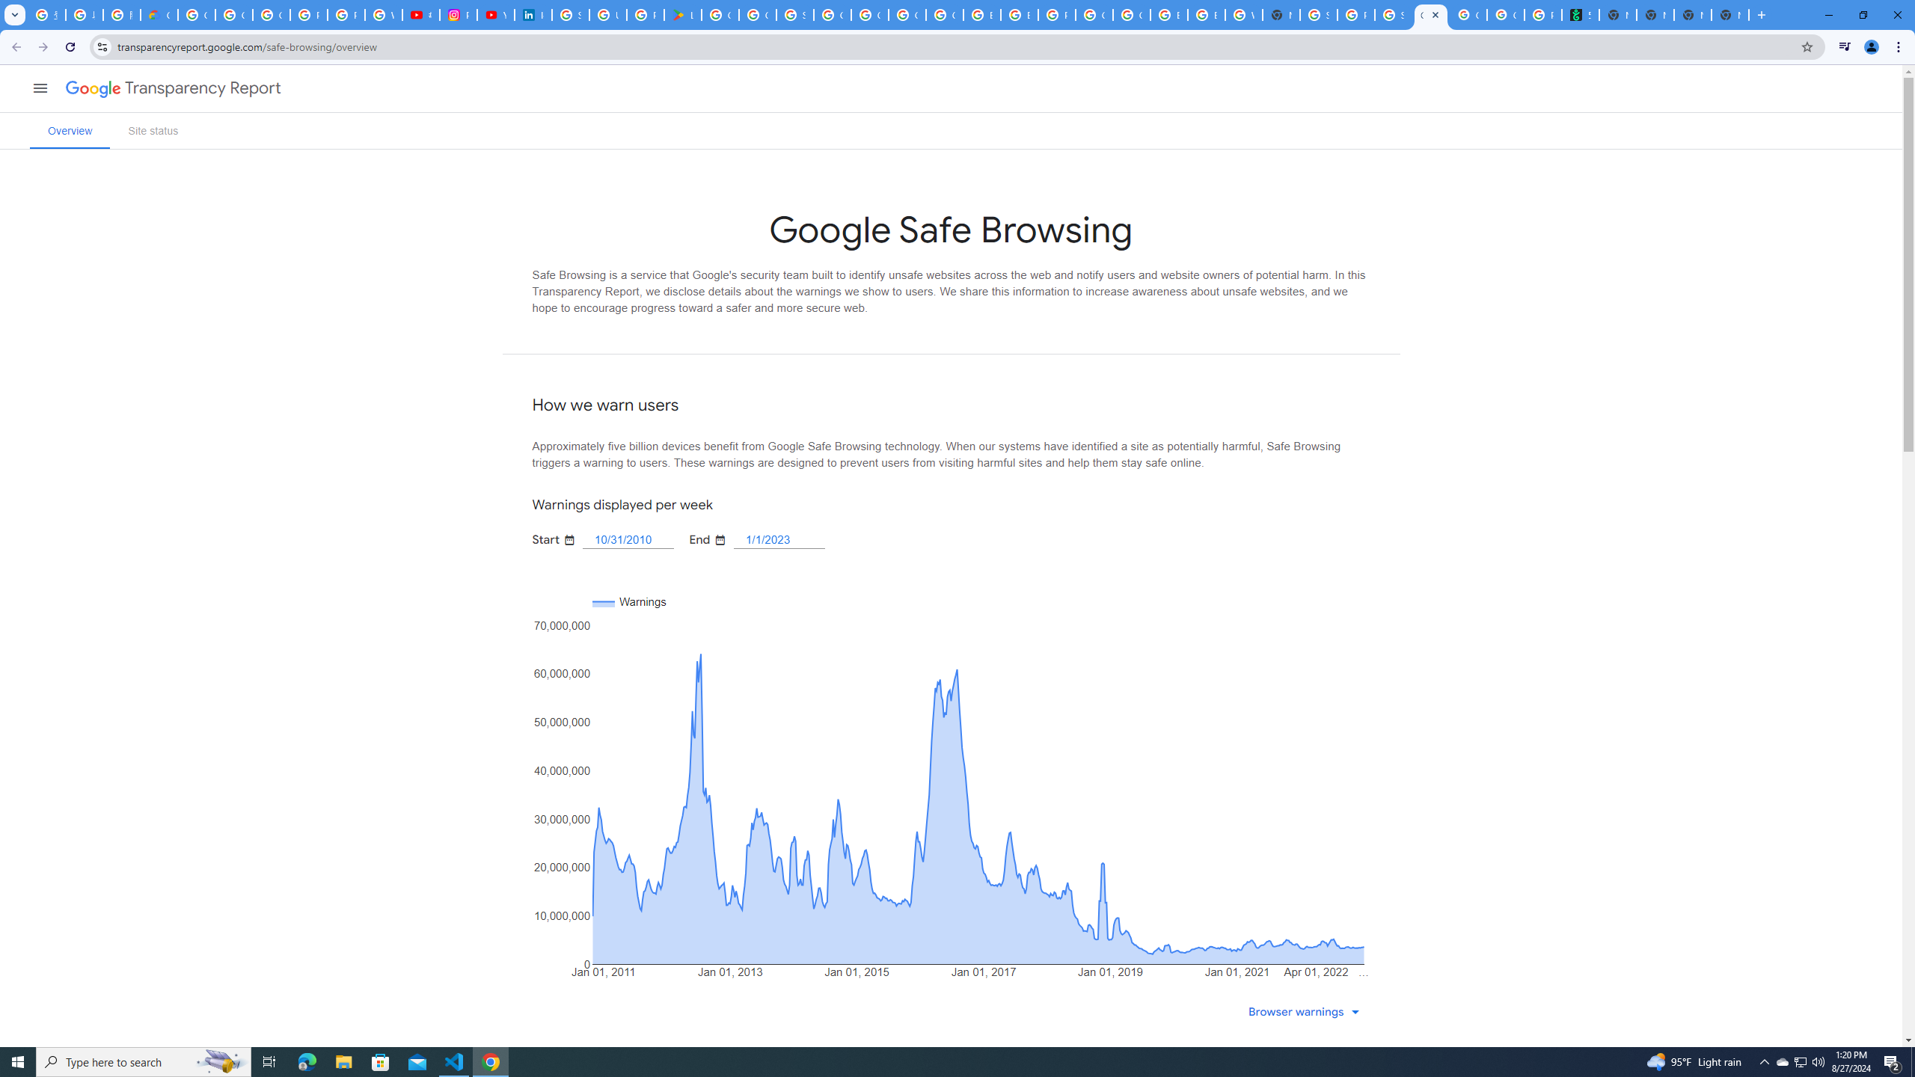 This screenshot has height=1077, width=1915. I want to click on 'Google Workspace - Specific Terms', so click(756, 14).